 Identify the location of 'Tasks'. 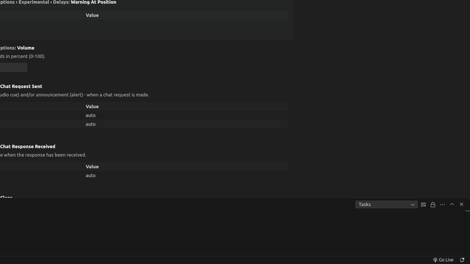
(386, 204).